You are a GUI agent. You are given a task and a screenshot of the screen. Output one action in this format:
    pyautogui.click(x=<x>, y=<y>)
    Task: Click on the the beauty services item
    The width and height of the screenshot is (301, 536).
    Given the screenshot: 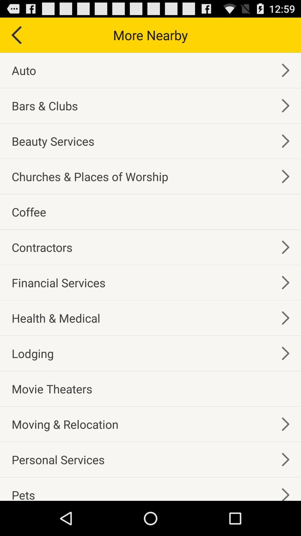 What is the action you would take?
    pyautogui.click(x=53, y=141)
    